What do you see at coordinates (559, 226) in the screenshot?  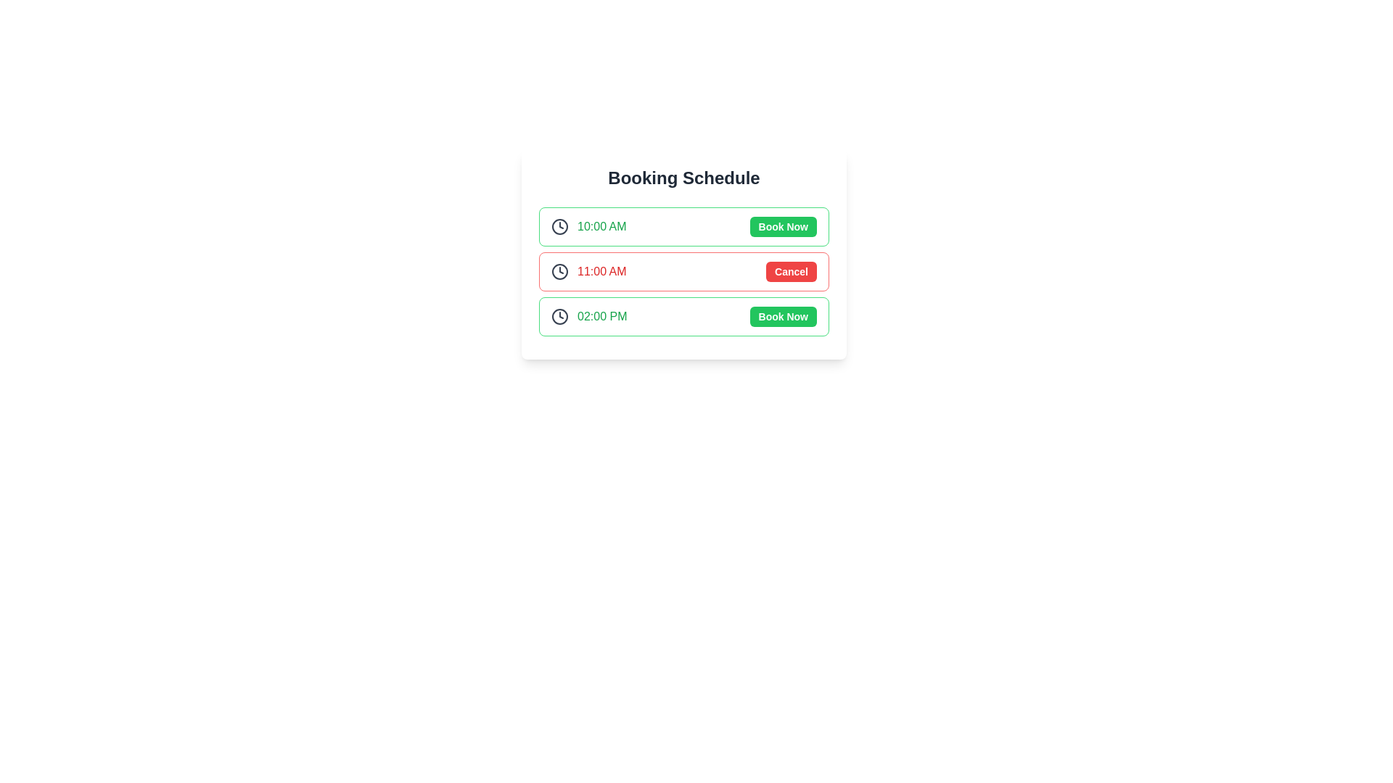 I see `the clock icon located to the left of the text '10:00 AM' in the first row of the booking schedule` at bounding box center [559, 226].